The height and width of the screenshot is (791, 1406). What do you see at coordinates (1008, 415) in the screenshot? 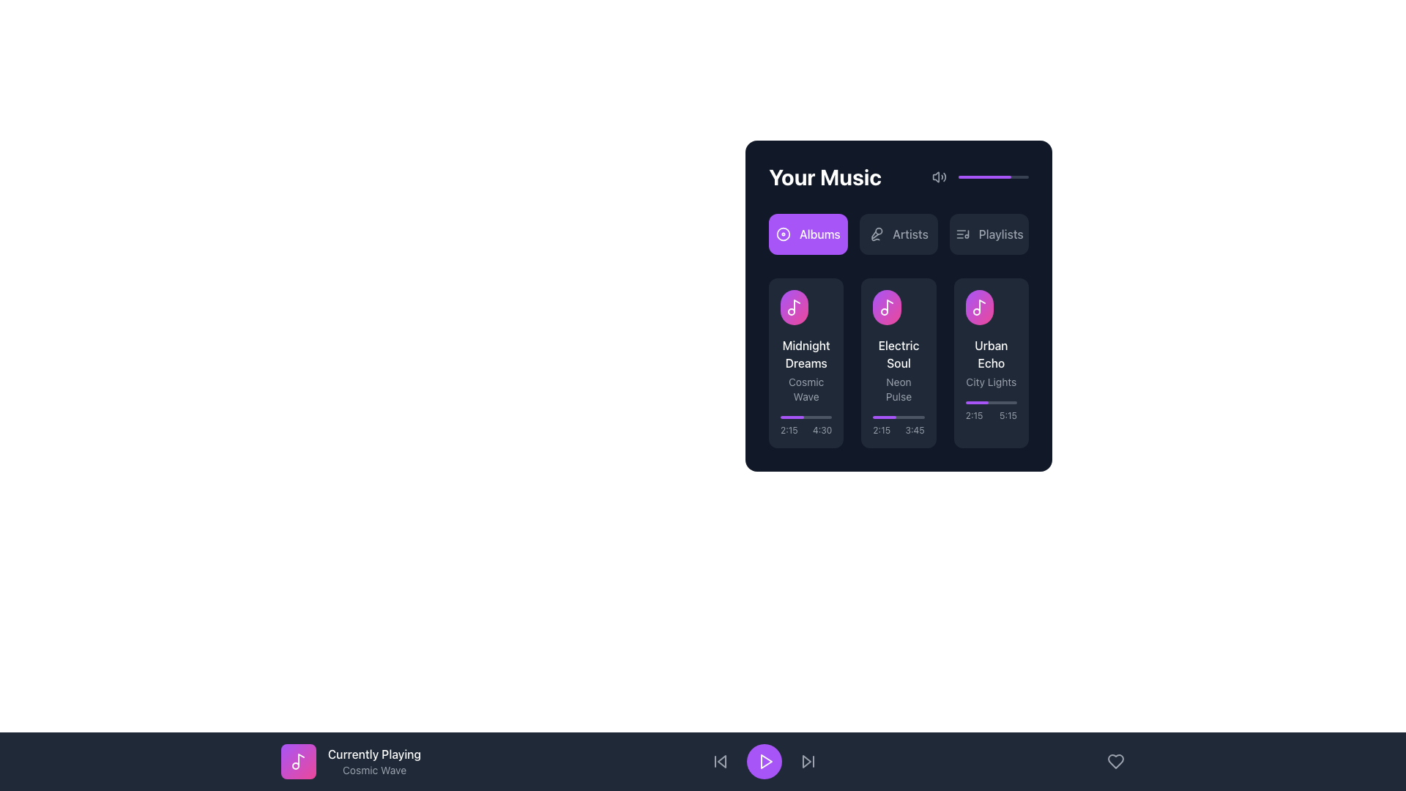
I see `time information displayed in the text label element showing '5:15', located in the bottom section of the 'Urban Echo' album card, to the right of '2:15'` at bounding box center [1008, 415].